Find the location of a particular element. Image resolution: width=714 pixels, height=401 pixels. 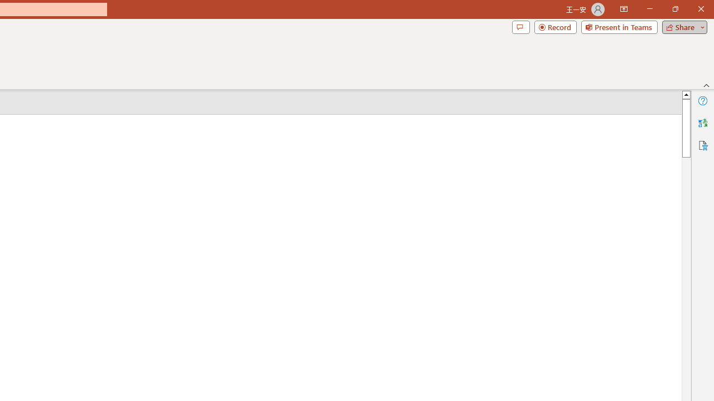

'Translator' is located at coordinates (702, 123).